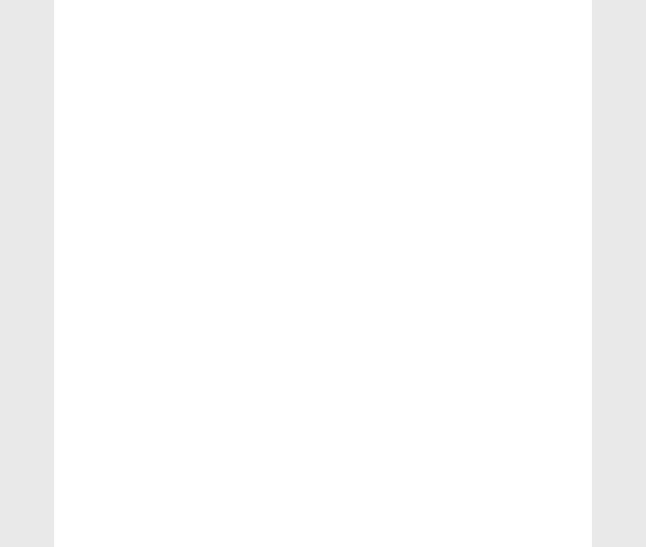  What do you see at coordinates (479, 315) in the screenshot?
I see `'Learning'` at bounding box center [479, 315].